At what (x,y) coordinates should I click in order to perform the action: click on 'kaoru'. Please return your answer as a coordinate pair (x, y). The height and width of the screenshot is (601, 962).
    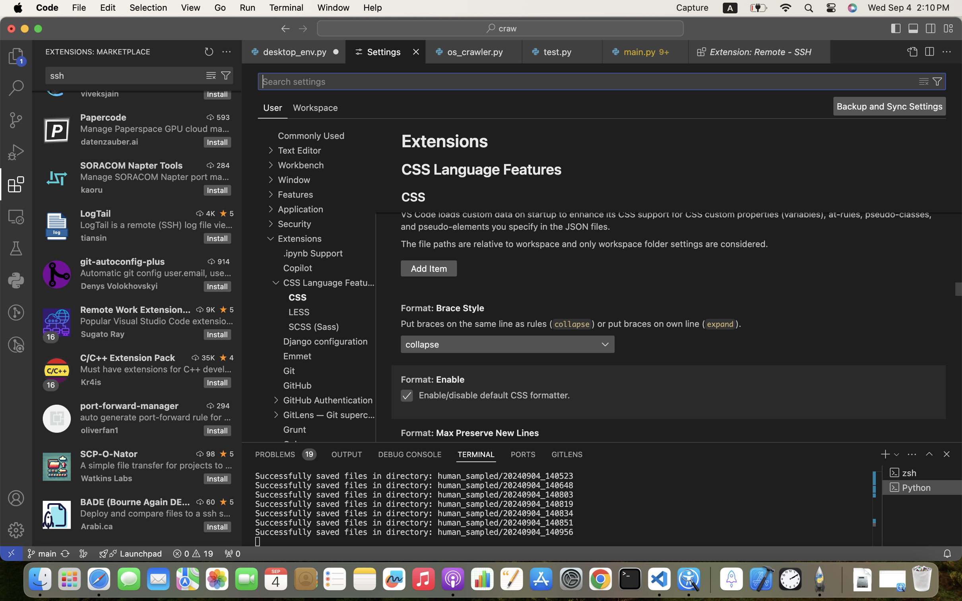
    Looking at the image, I should click on (91, 190).